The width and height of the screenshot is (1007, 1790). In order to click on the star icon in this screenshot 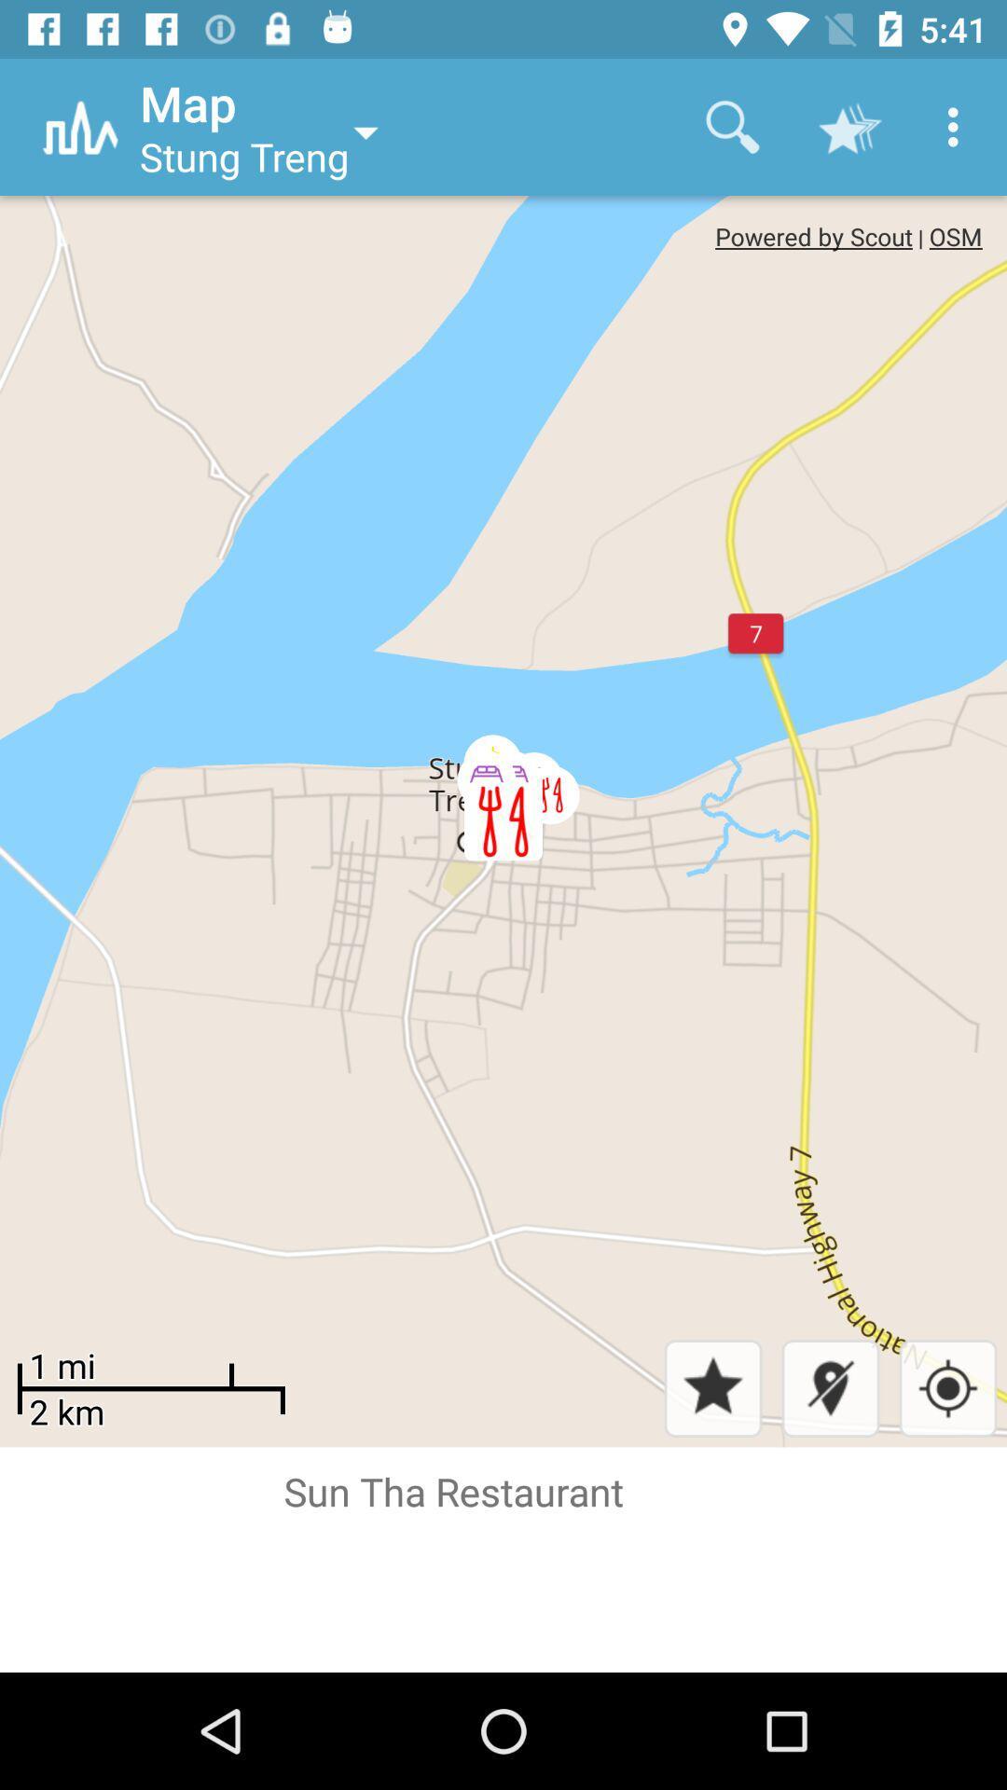, I will do `click(712, 1388)`.